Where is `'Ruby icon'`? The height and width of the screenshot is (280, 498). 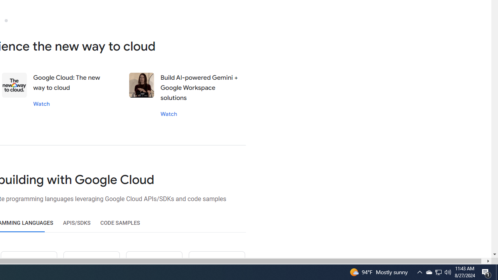
'Ruby icon' is located at coordinates (91, 265).